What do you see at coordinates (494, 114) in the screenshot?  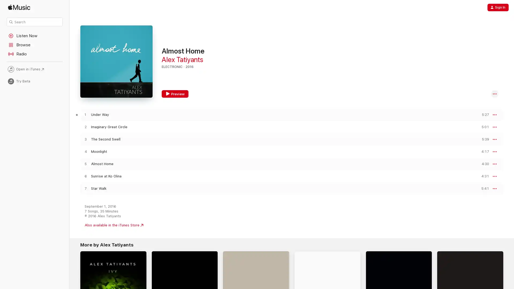 I see `More` at bounding box center [494, 114].